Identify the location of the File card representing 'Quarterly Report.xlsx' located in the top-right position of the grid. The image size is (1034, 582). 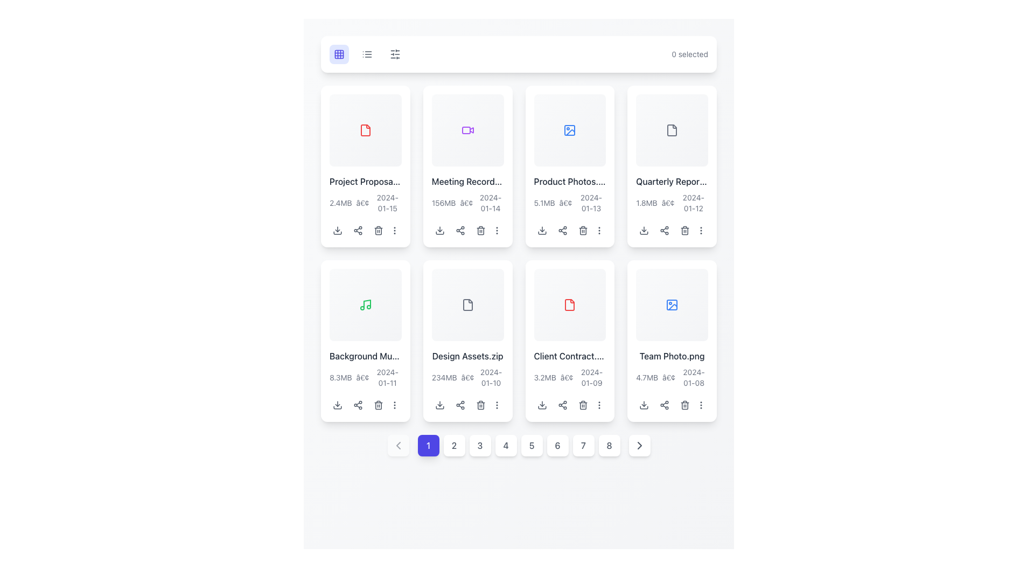
(672, 166).